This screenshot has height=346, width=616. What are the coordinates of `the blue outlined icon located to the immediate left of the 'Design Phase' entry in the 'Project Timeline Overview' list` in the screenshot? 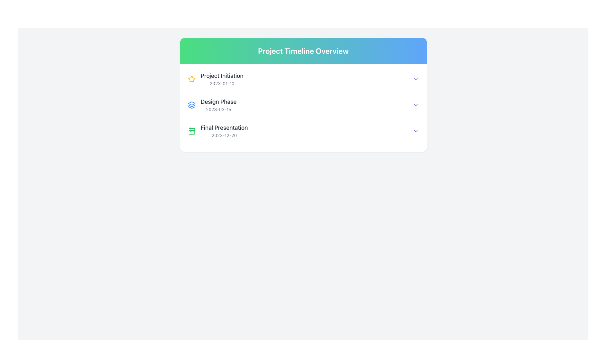 It's located at (191, 104).